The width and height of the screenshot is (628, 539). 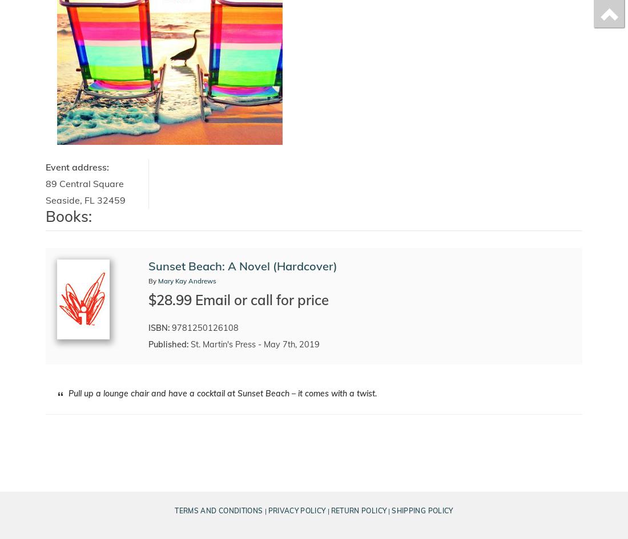 I want to click on '32459', so click(x=111, y=199).